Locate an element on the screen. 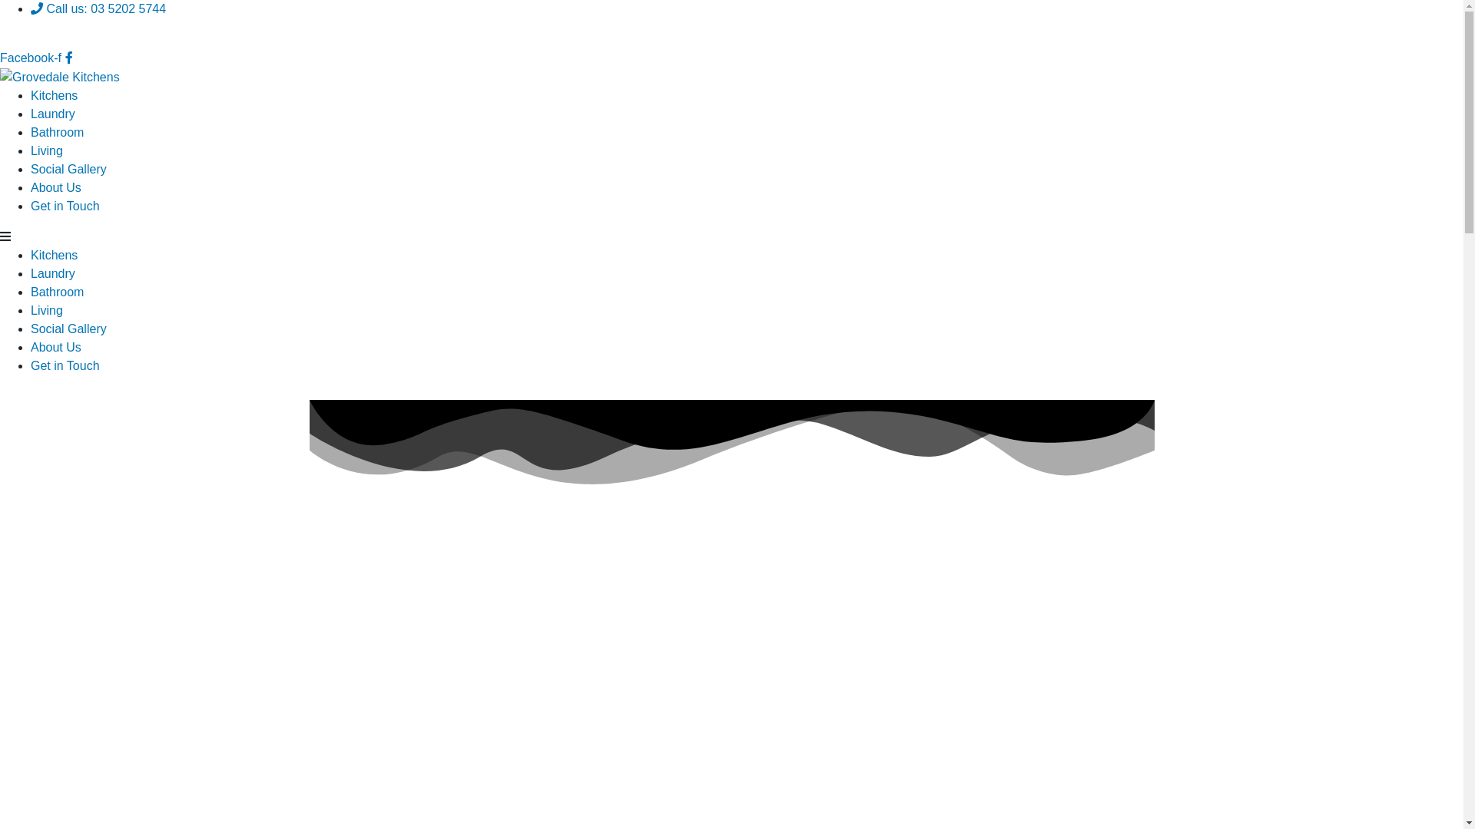 The height and width of the screenshot is (829, 1475). 'Get in Touch' is located at coordinates (65, 365).